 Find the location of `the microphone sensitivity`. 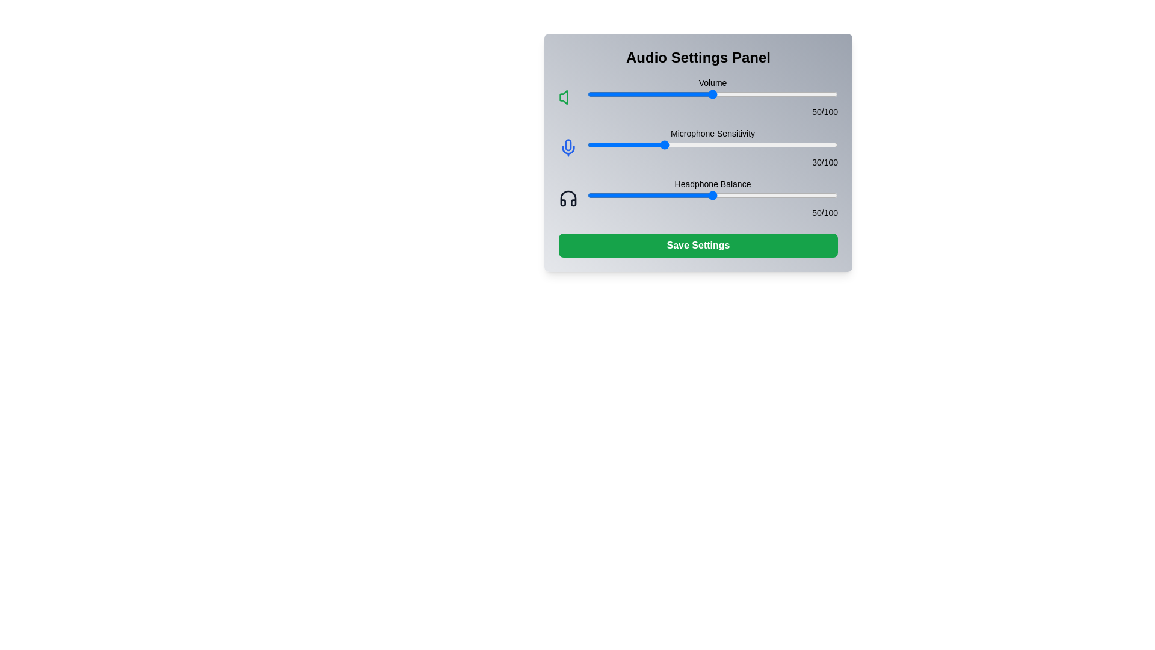

the microphone sensitivity is located at coordinates (790, 144).